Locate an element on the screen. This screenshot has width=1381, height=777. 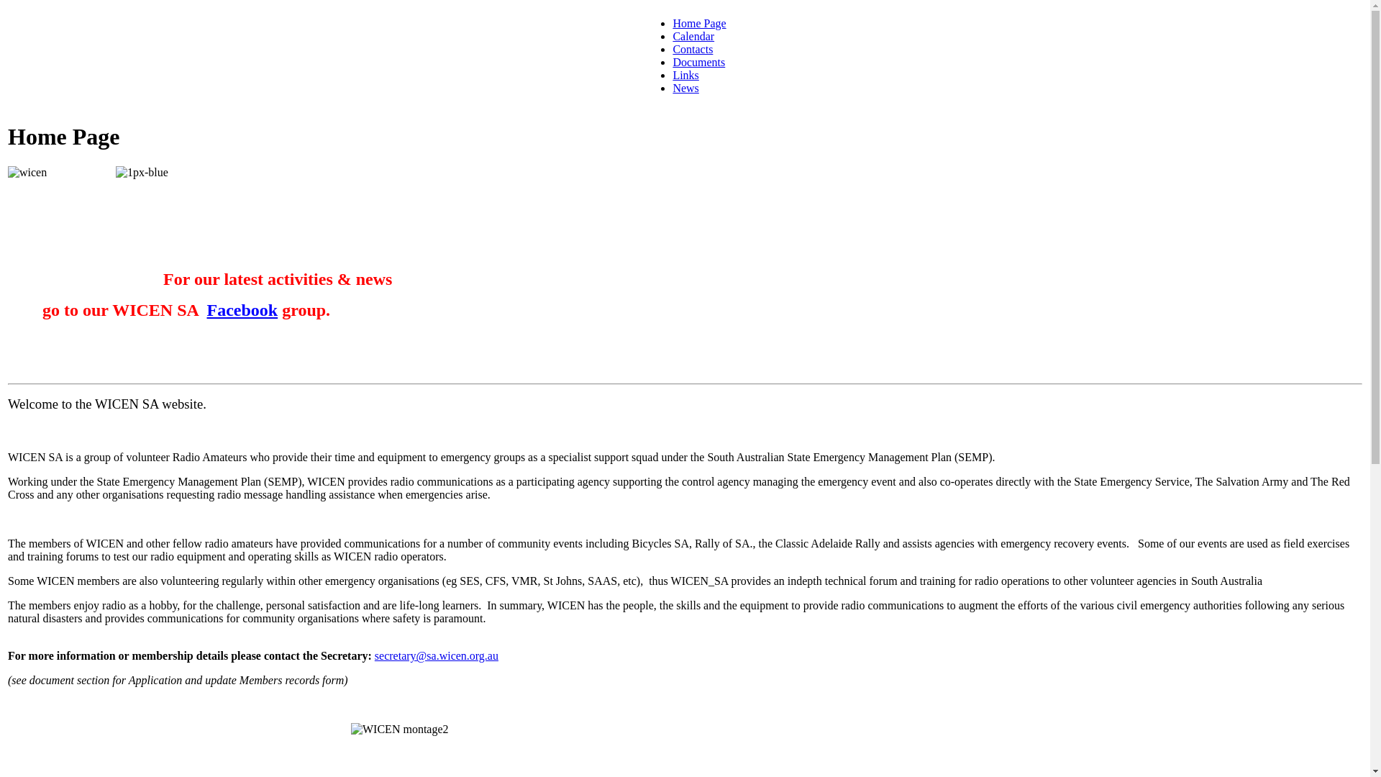
'Home Page' is located at coordinates (698, 23).